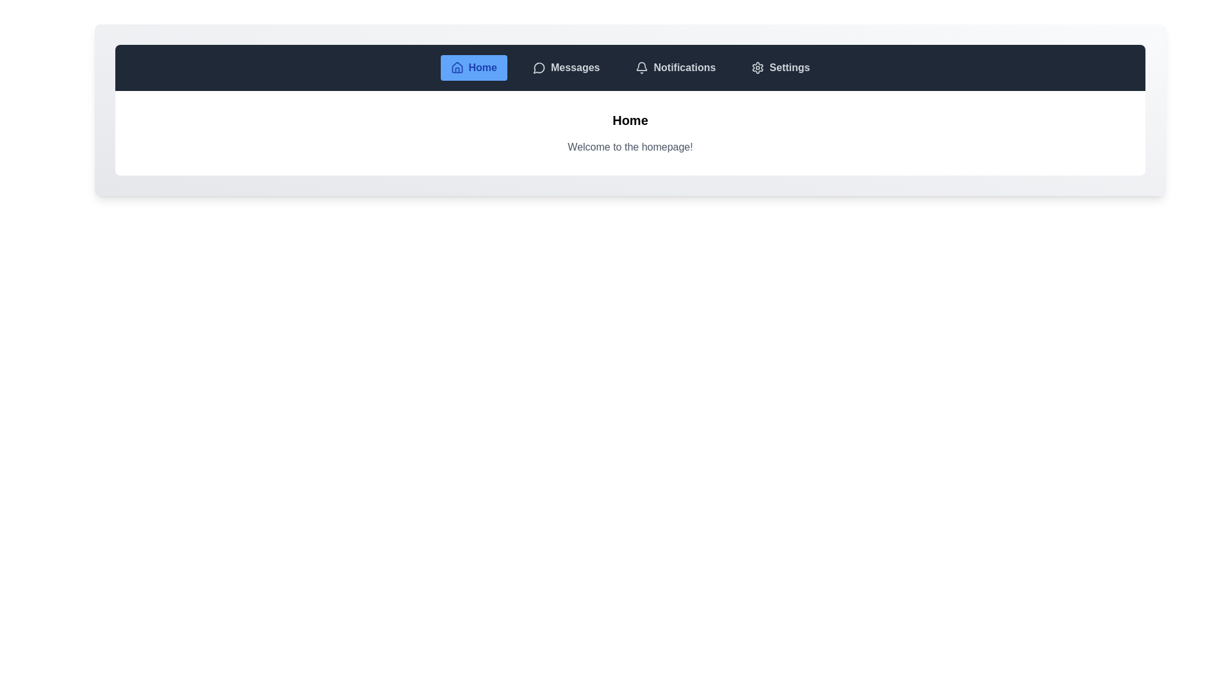 The width and height of the screenshot is (1230, 692). I want to click on the tab labeled Settings from the navigation bar, so click(780, 67).